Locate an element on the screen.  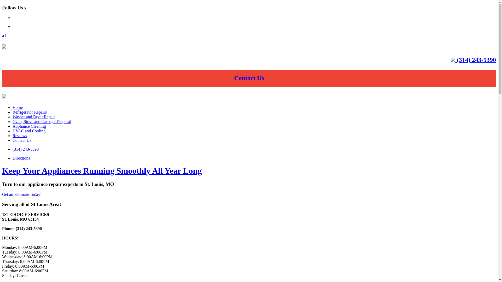
'!' is located at coordinates (5, 35).